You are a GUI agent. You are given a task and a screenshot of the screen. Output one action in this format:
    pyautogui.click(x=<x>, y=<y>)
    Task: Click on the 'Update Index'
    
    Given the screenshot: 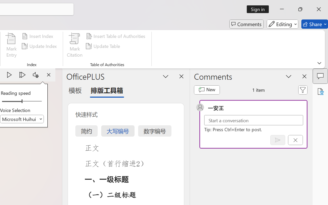 What is the action you would take?
    pyautogui.click(x=40, y=46)
    